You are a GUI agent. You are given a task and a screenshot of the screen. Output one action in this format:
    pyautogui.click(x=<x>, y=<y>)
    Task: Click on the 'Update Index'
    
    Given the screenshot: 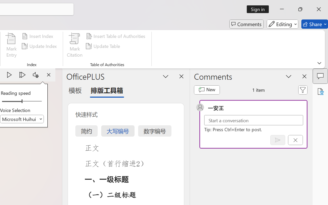 What is the action you would take?
    pyautogui.click(x=40, y=46)
    